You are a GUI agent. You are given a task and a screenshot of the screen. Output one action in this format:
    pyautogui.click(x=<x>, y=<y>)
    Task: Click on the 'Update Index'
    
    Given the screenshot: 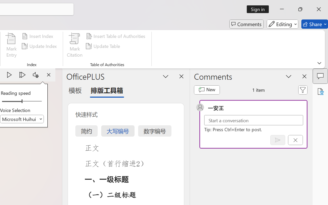 What is the action you would take?
    pyautogui.click(x=40, y=46)
    